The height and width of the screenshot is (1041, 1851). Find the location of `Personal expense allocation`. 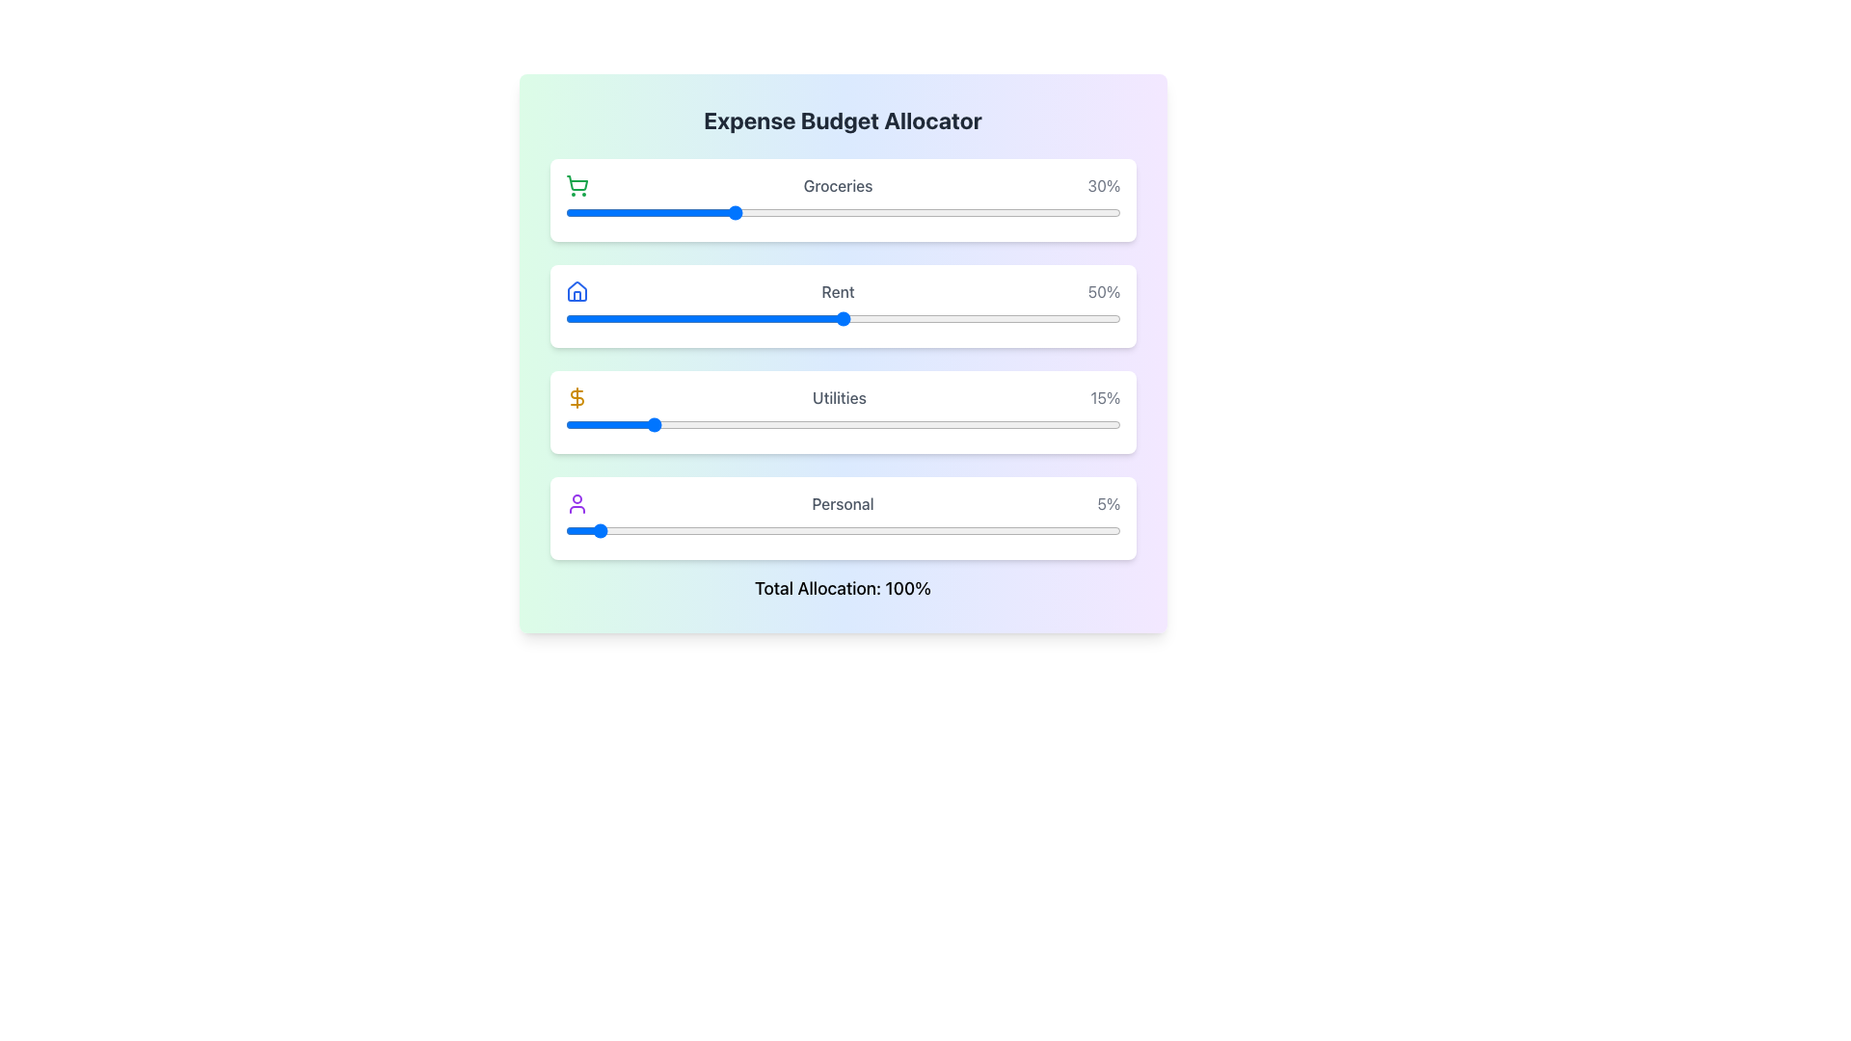

Personal expense allocation is located at coordinates (920, 531).